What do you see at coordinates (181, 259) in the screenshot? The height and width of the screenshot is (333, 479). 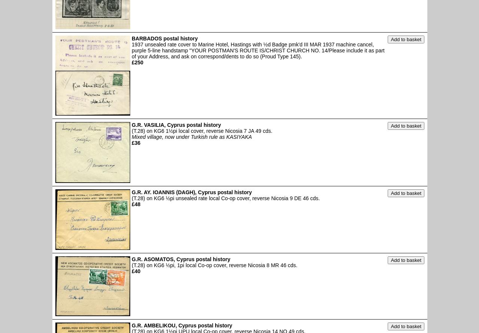 I see `'G.R. ASOMATOS, Cyprus postal history'` at bounding box center [181, 259].